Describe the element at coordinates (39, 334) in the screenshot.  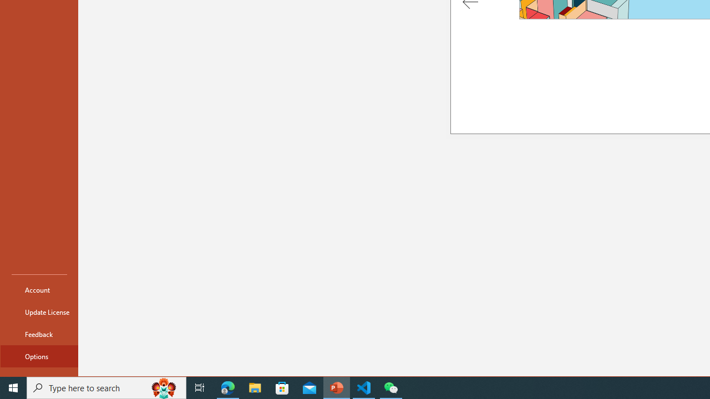
I see `'Feedback'` at that location.